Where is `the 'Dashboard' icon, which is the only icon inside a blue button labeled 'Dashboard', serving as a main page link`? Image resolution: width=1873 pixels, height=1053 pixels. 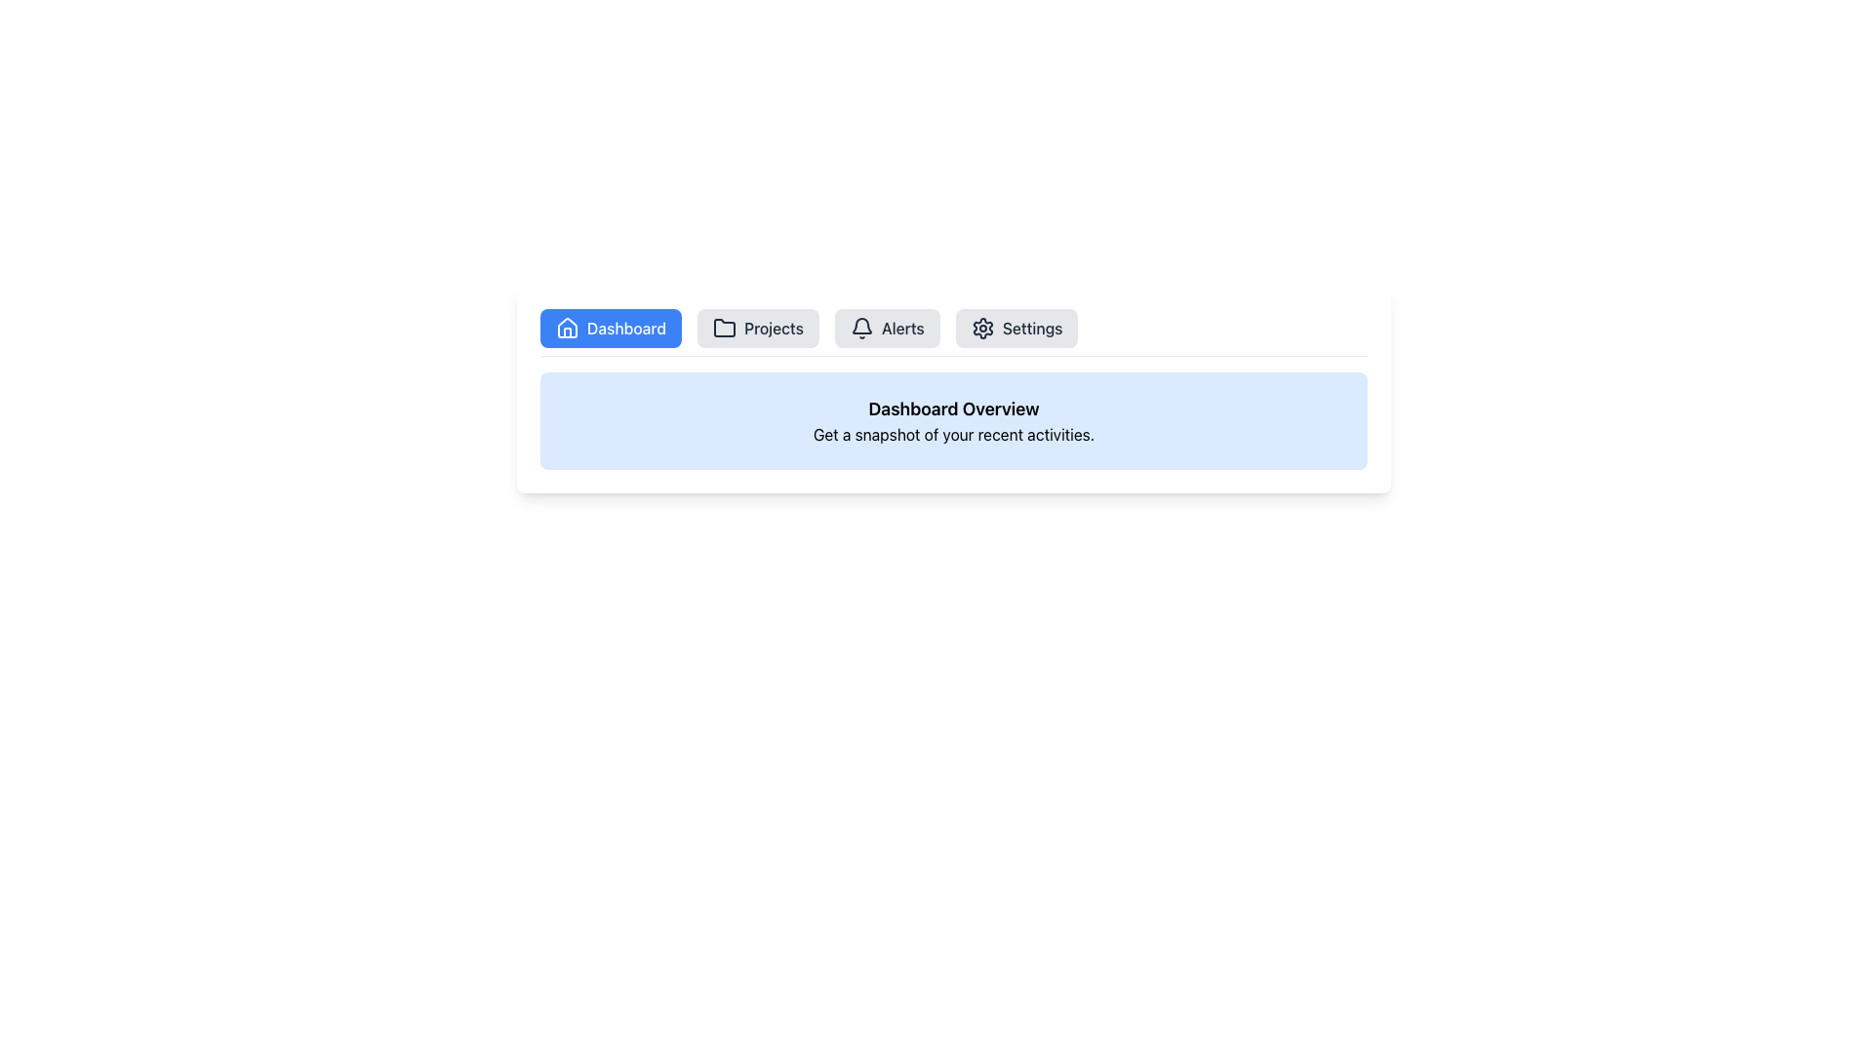 the 'Dashboard' icon, which is the only icon inside a blue button labeled 'Dashboard', serving as a main page link is located at coordinates (566, 327).